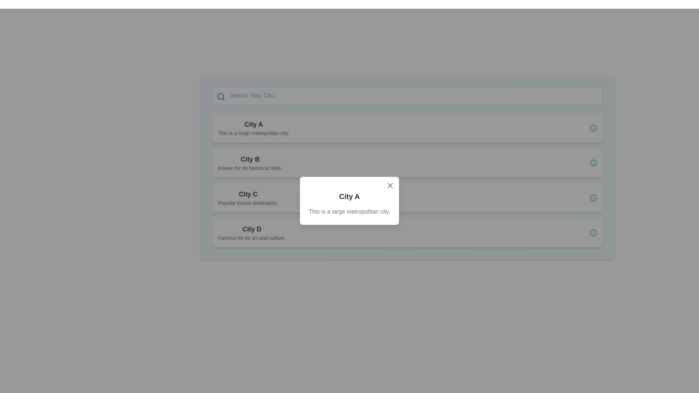  What do you see at coordinates (220, 96) in the screenshot?
I see `the gray circular component resembling a magnifying glass lens within the search icon, located at the top-center of the interface` at bounding box center [220, 96].